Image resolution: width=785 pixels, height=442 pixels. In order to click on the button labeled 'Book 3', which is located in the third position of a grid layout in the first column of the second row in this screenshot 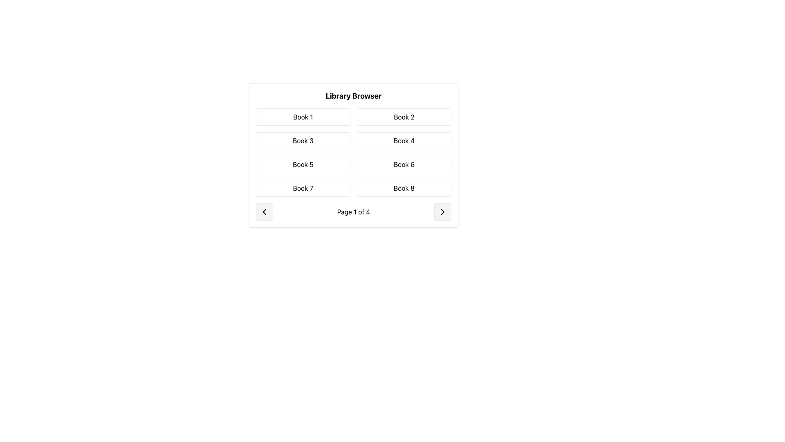, I will do `click(303, 140)`.